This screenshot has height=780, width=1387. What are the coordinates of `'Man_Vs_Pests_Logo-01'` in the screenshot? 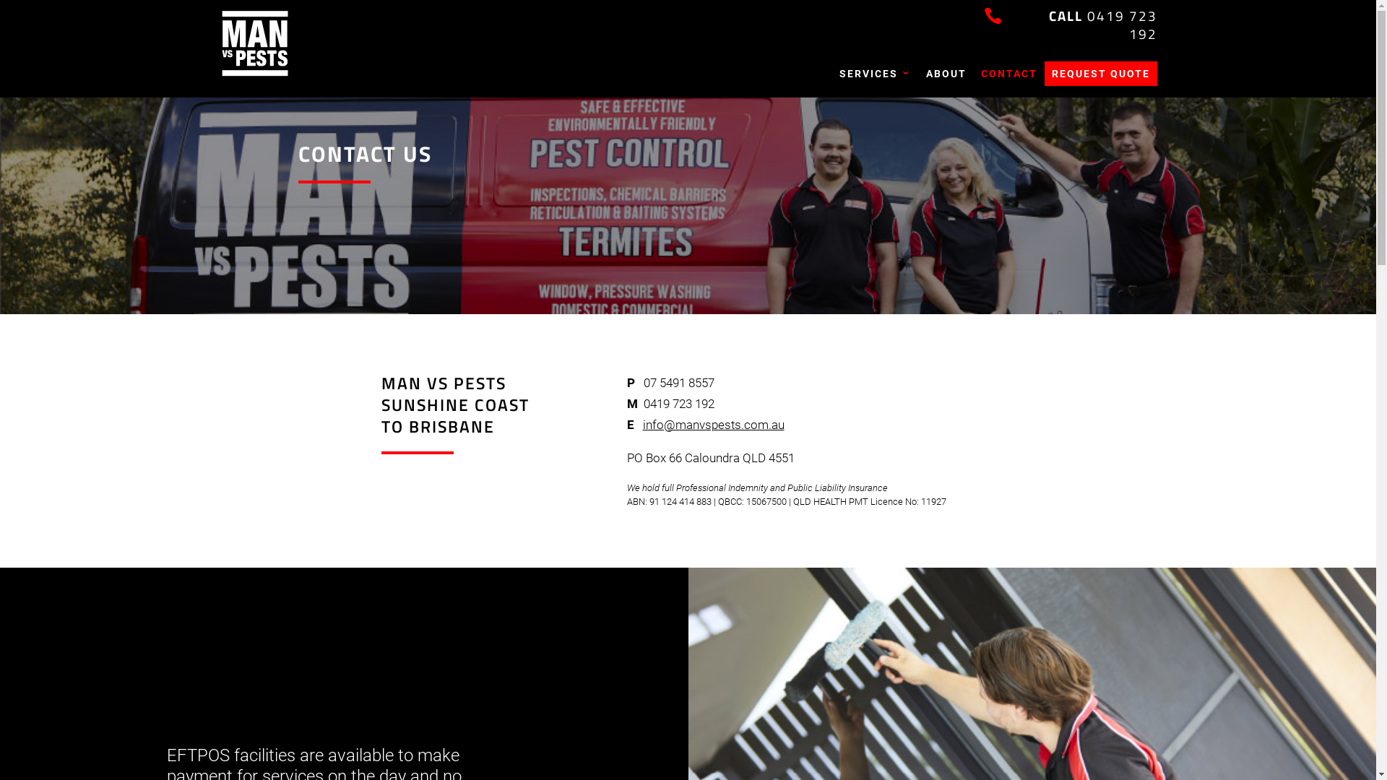 It's located at (254, 43).